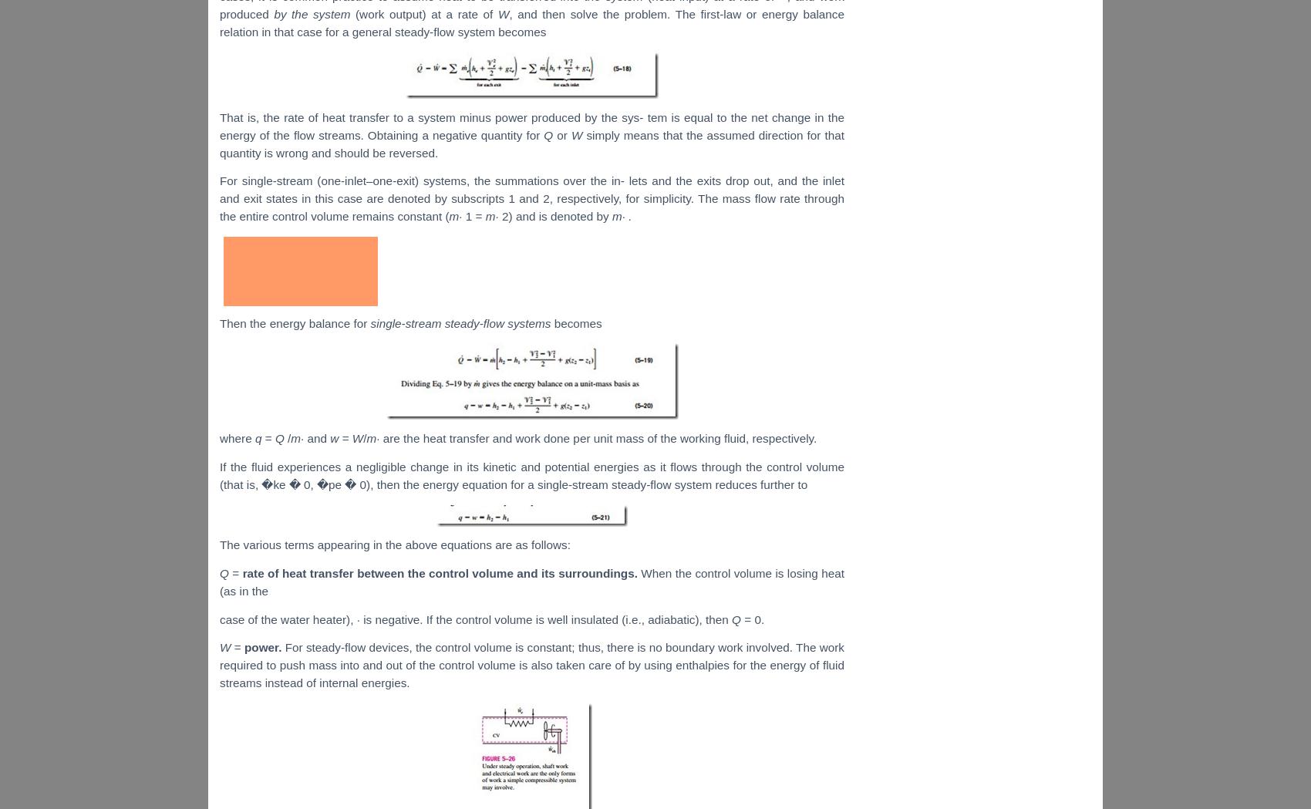  Describe the element at coordinates (335, 437) in the screenshot. I see `'w'` at that location.